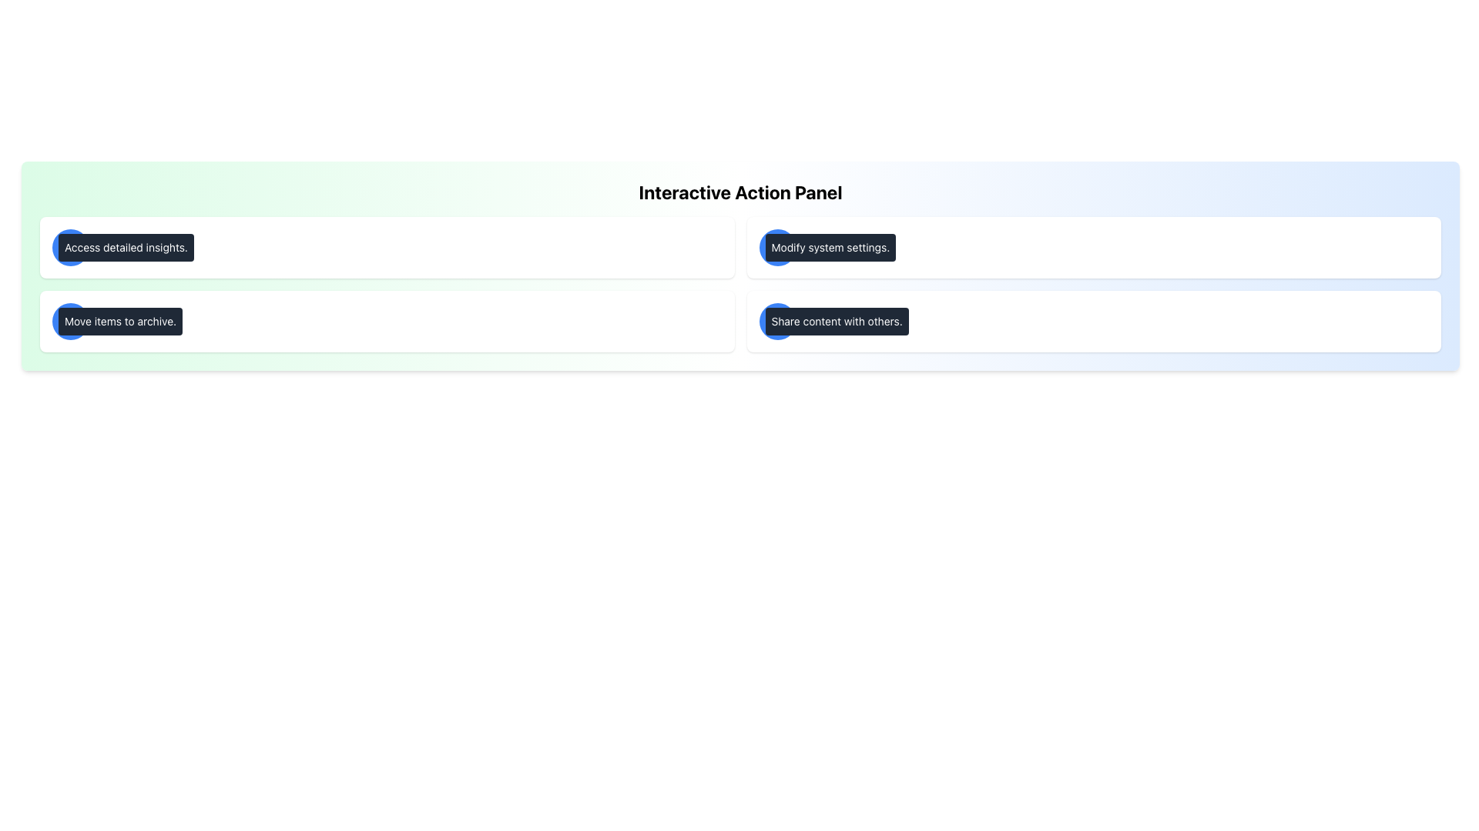 This screenshot has width=1479, height=831. What do you see at coordinates (126, 246) in the screenshot?
I see `the dark gray rectangular button labeled 'Access detailed insights.' with rounded corners and a subtle 3D effect, located within a white card at the top-left corner of the interface` at bounding box center [126, 246].